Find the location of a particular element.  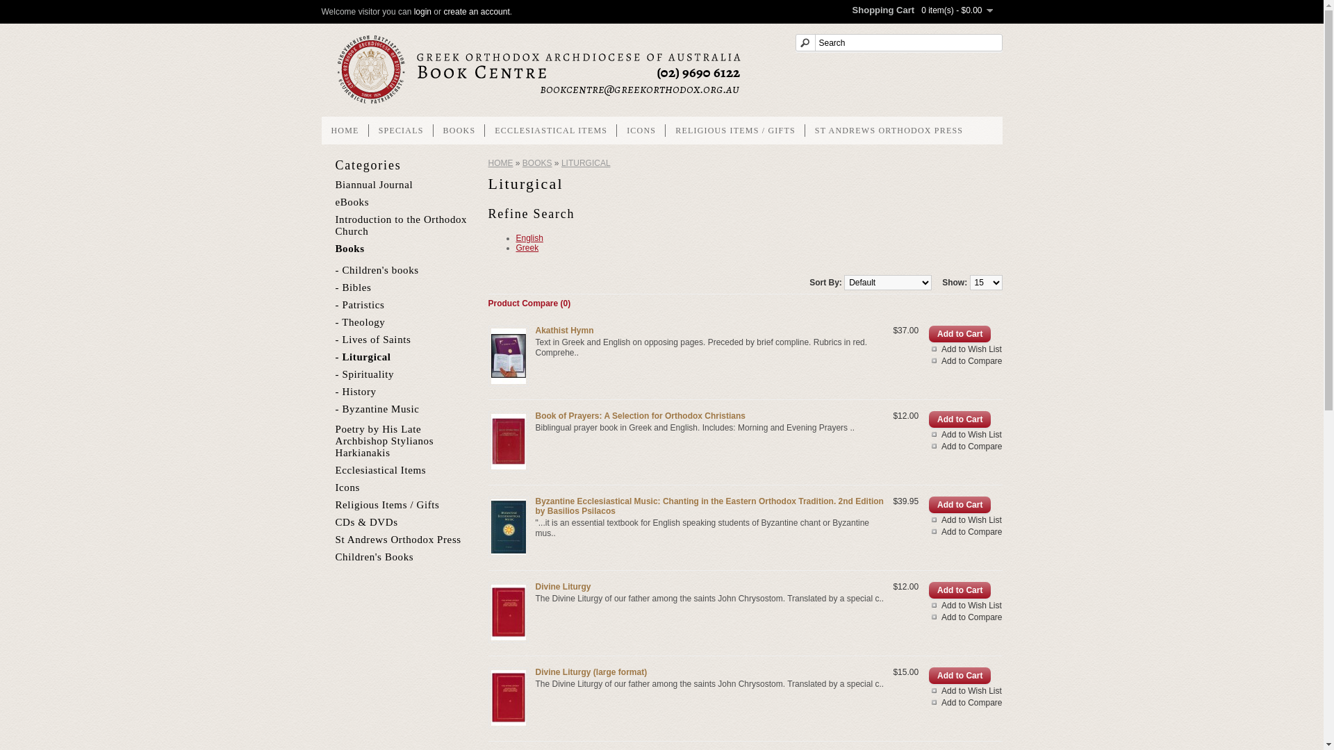

'- Patristics' is located at coordinates (403, 304).